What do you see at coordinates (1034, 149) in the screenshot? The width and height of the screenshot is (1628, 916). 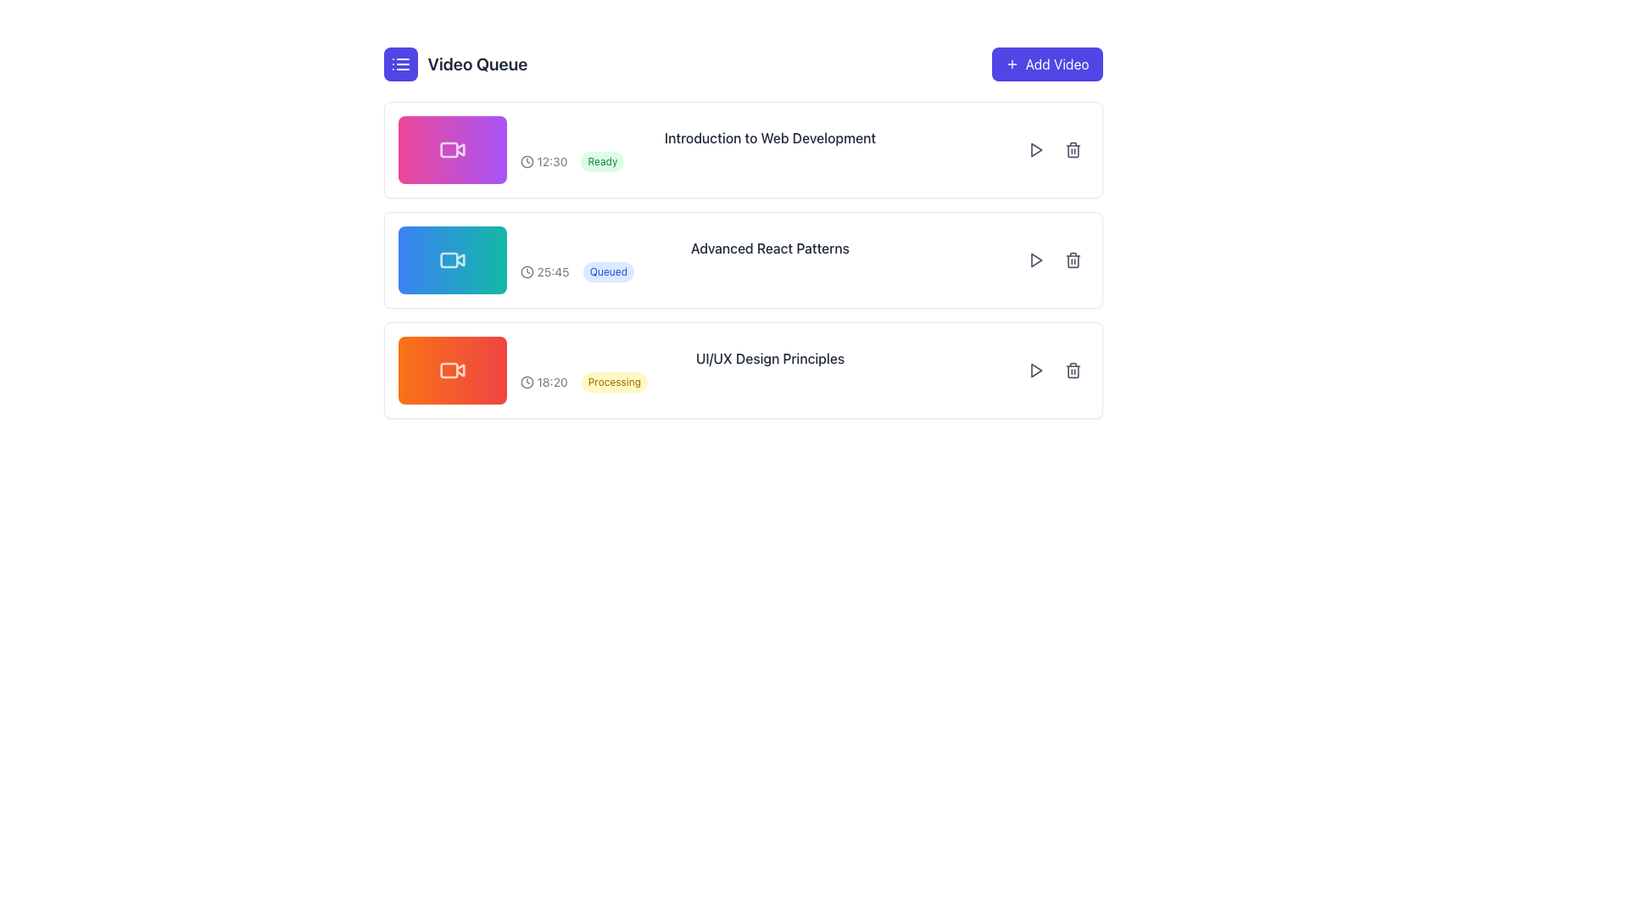 I see `the first button in the row of action icons` at bounding box center [1034, 149].